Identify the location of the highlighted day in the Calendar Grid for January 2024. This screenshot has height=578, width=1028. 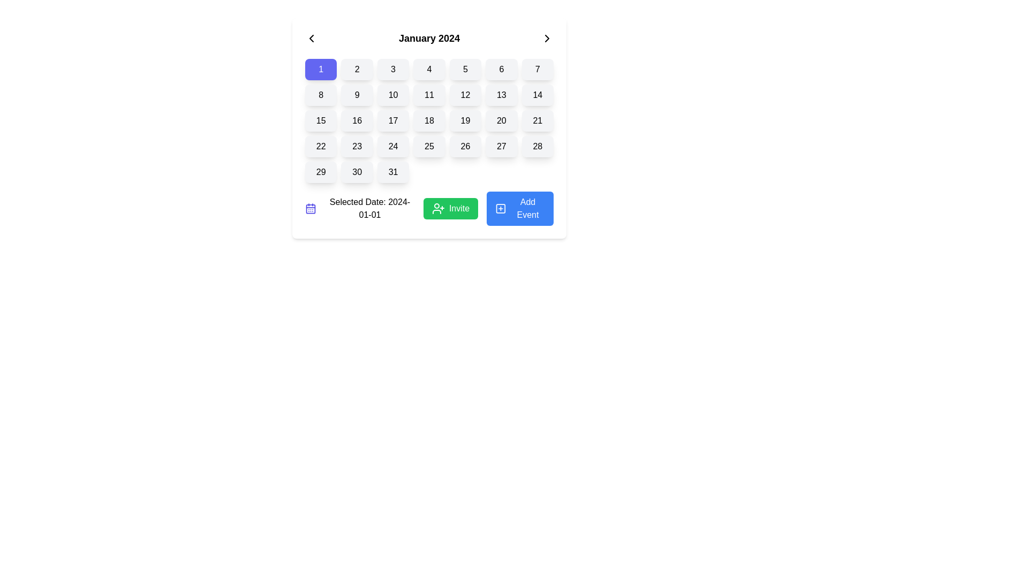
(429, 120).